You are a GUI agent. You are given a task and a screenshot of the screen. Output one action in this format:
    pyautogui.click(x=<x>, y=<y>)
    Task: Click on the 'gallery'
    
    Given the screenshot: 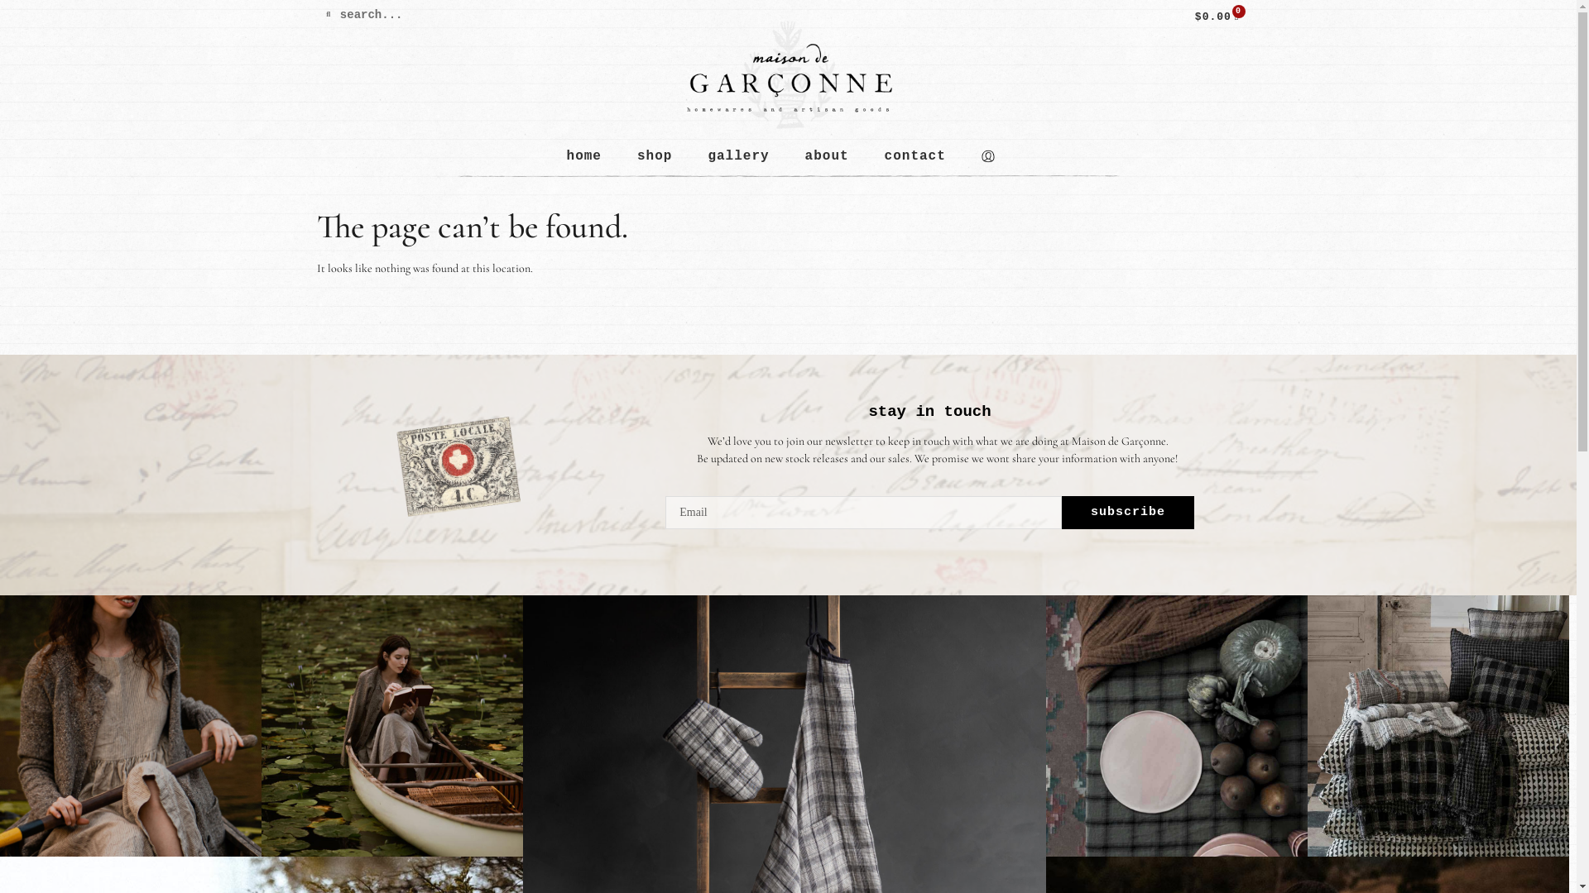 What is the action you would take?
    pyautogui.click(x=707, y=156)
    